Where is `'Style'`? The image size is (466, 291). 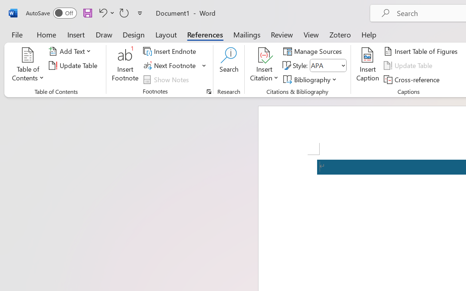 'Style' is located at coordinates (328, 65).